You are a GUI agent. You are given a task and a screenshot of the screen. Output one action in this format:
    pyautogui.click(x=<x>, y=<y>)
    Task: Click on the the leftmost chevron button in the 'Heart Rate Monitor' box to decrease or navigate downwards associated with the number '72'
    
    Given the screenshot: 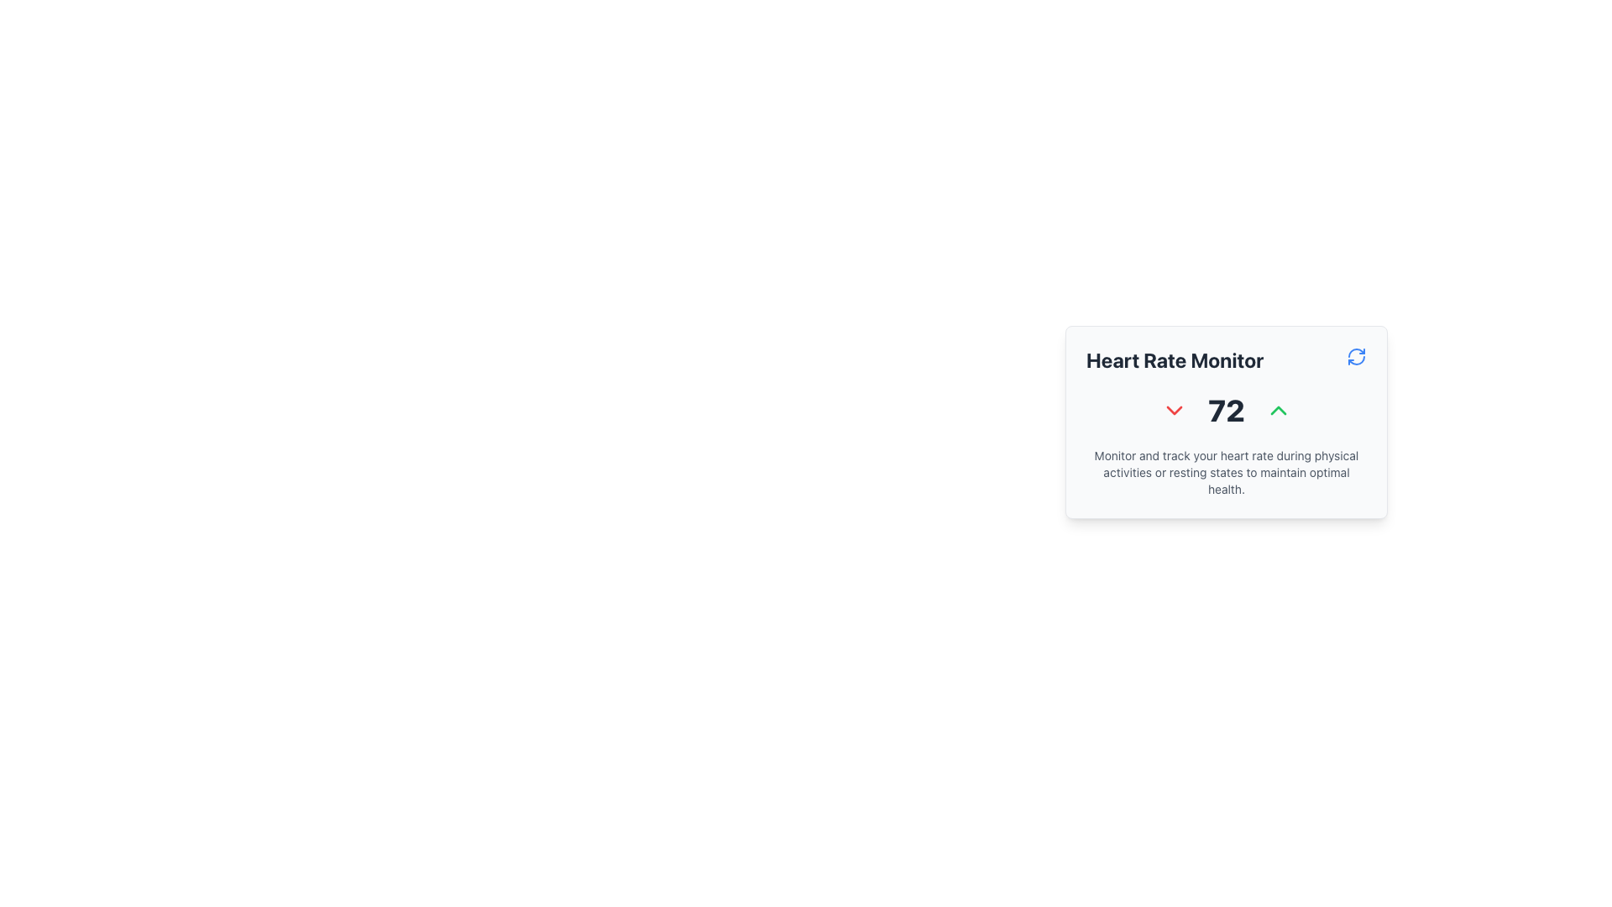 What is the action you would take?
    pyautogui.click(x=1174, y=411)
    